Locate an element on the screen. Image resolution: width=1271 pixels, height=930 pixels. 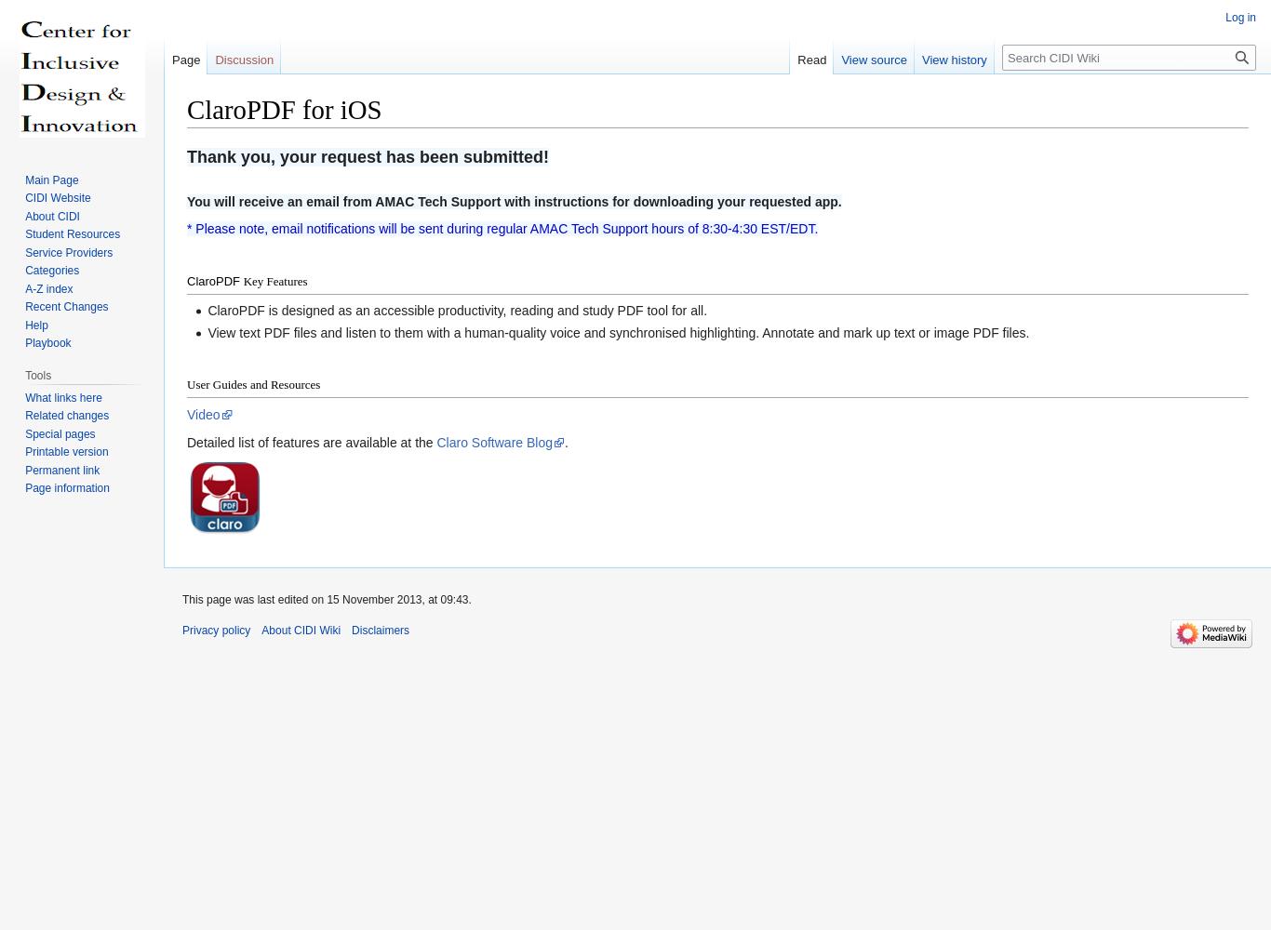
'Detailed list of features are available at the' is located at coordinates (311, 441).